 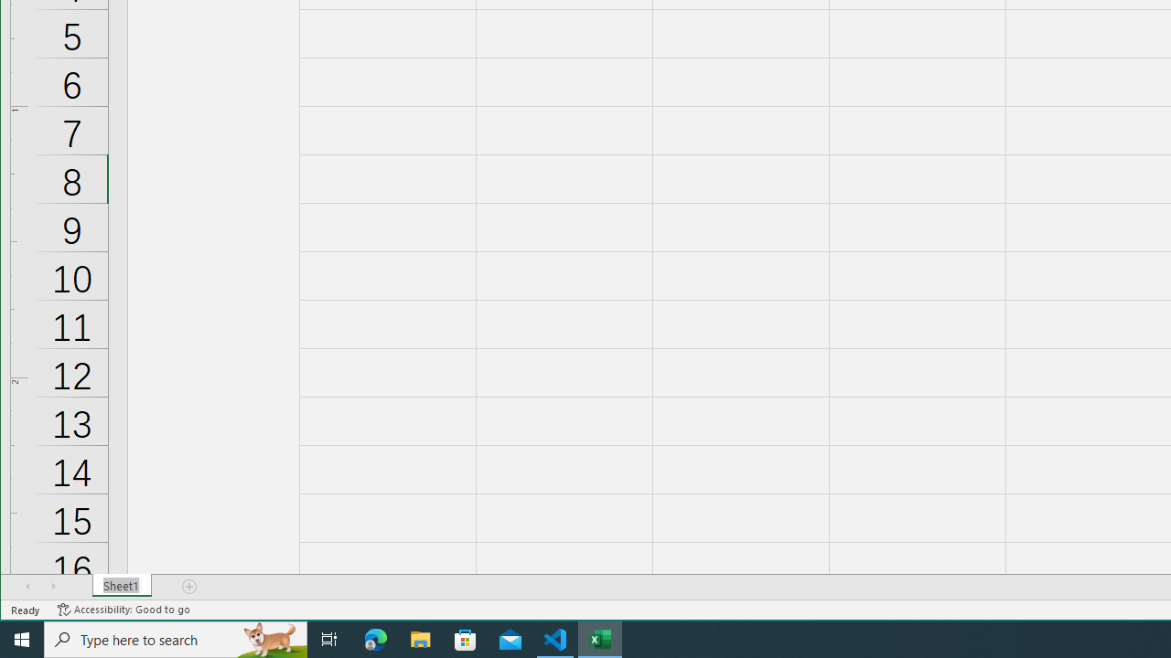 What do you see at coordinates (328, 638) in the screenshot?
I see `'Task View'` at bounding box center [328, 638].